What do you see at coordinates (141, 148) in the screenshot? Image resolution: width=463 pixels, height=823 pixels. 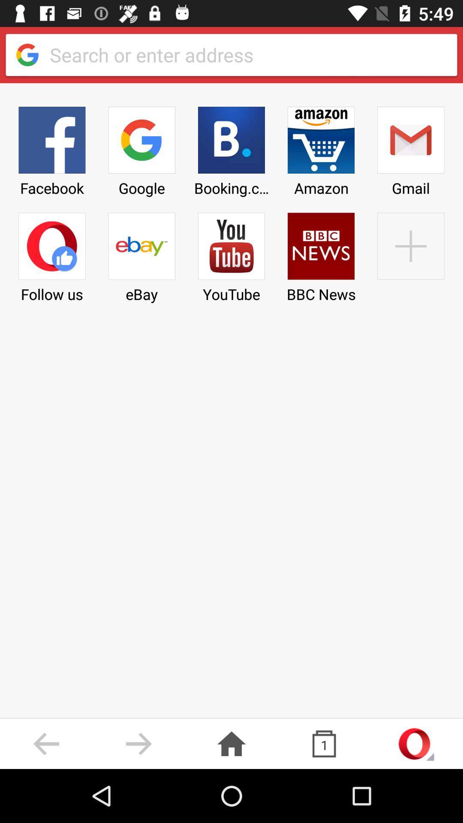 I see `the google` at bounding box center [141, 148].